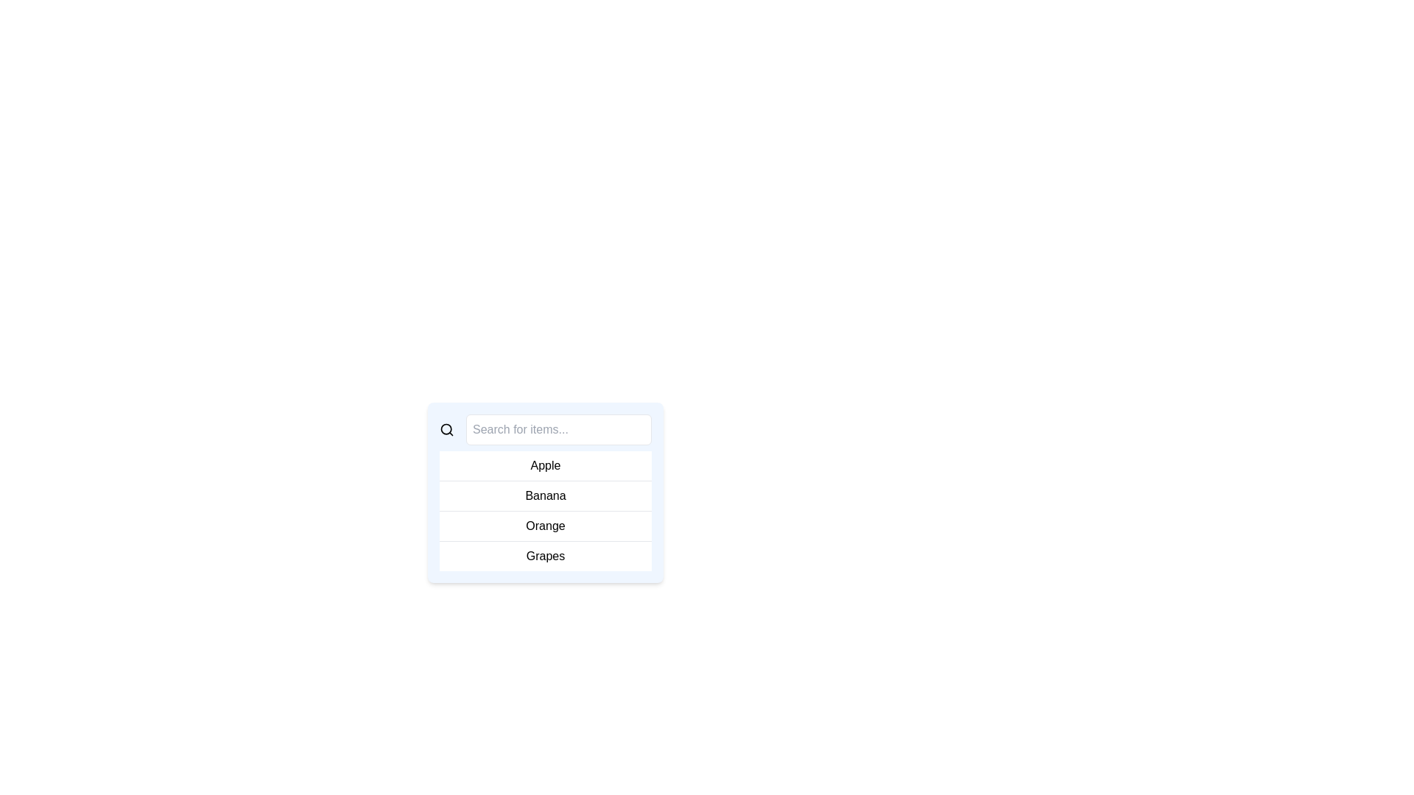  I want to click on the list item containing the text 'Banana', so click(544, 496).